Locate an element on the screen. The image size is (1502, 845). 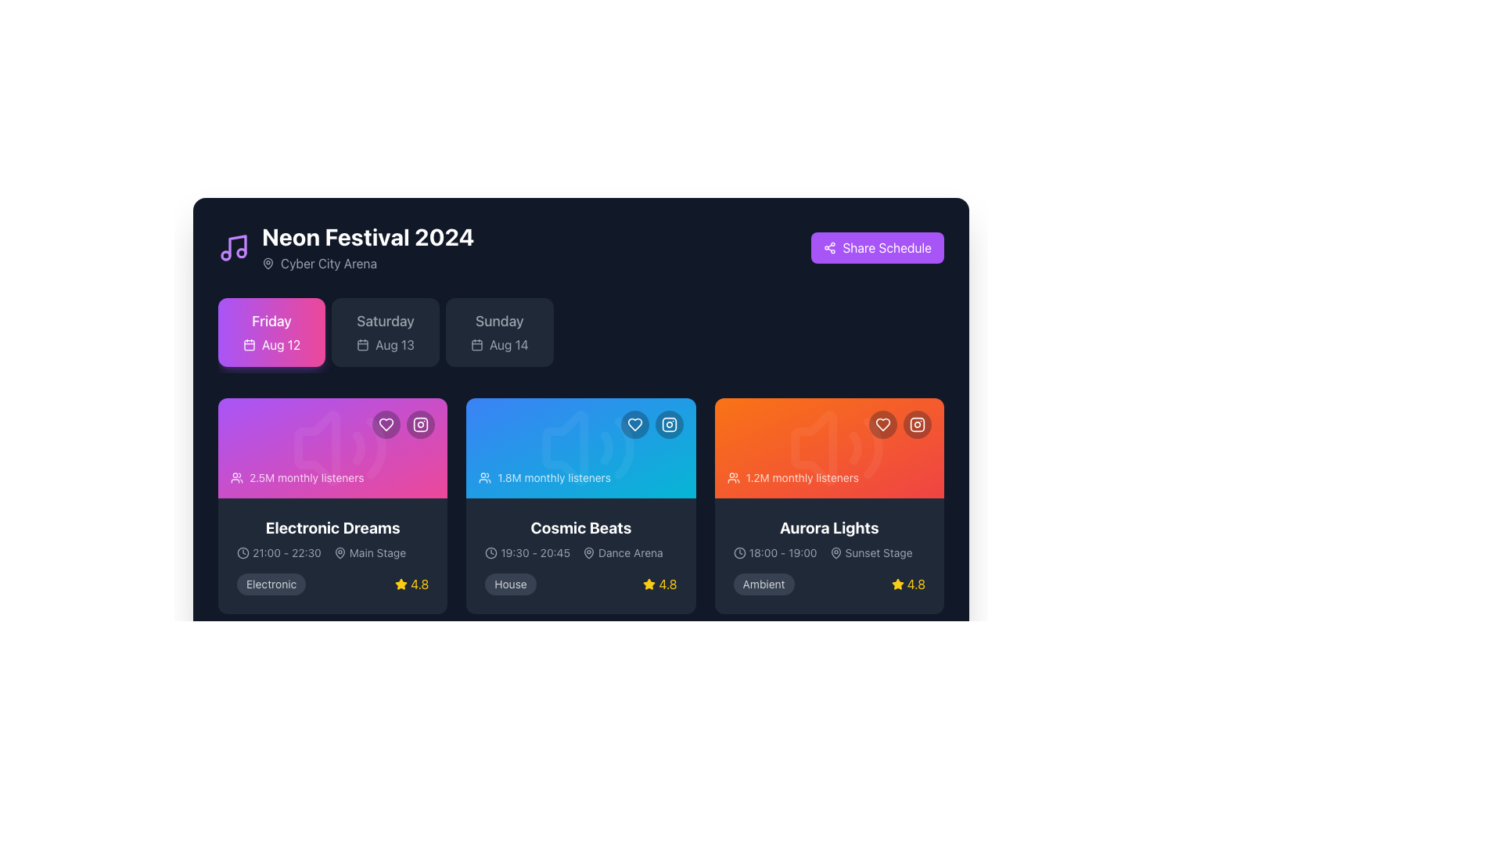
the circular button with a heart icon located in the top-right corner of the 'Aurora Lights' card, which is the leftmost of two circular buttons is located at coordinates (882, 425).